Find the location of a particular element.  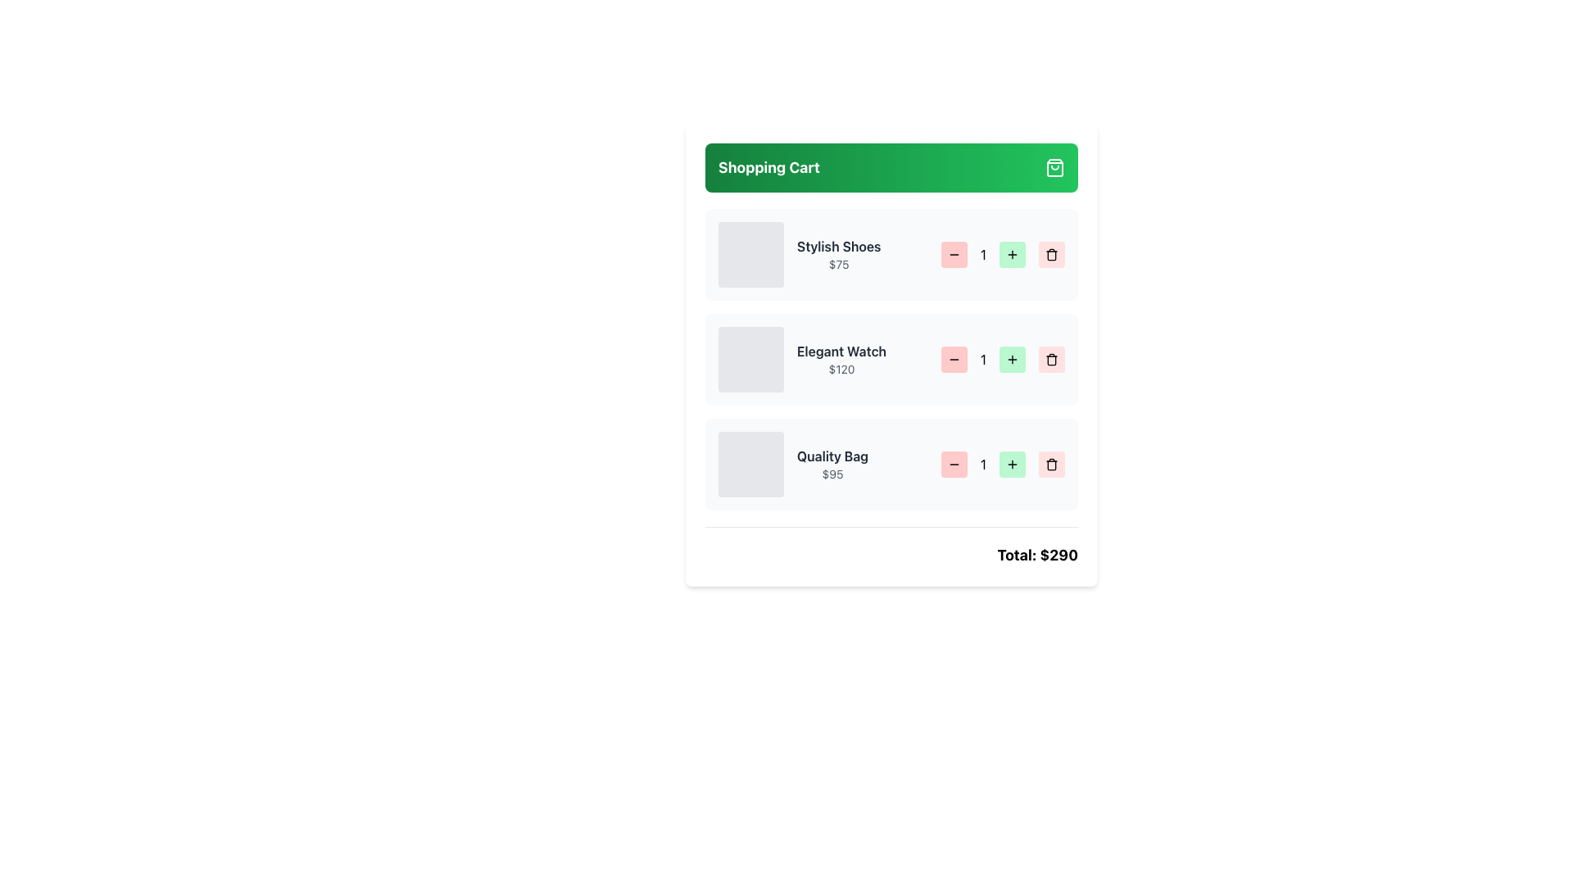

the product entry UI element displaying the product name and price, located in the topmost row of the shopping cart list is located at coordinates (800, 255).